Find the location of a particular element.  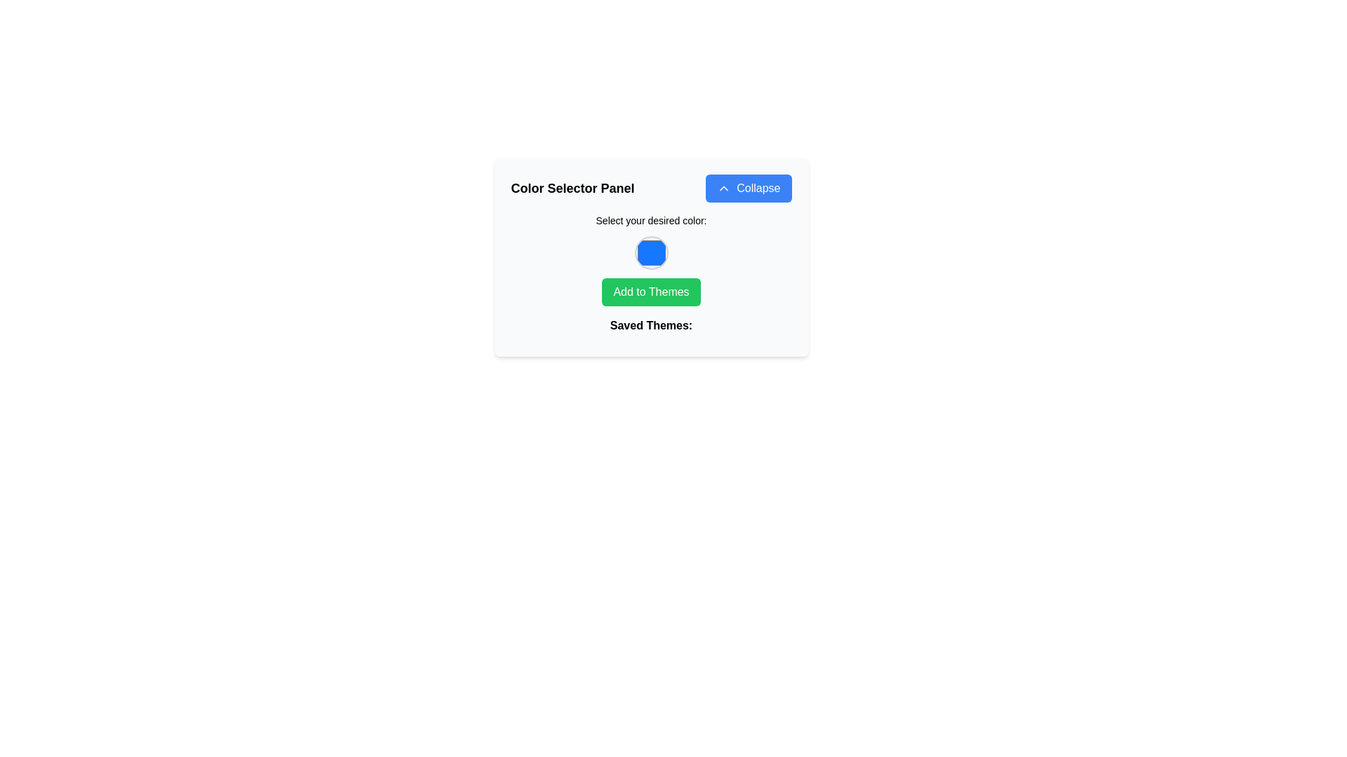

the color selection indicator located in the 'Color Selector Panel' below the label 'Select your desired color:' and above the 'Add to Themes' button is located at coordinates (650, 276).